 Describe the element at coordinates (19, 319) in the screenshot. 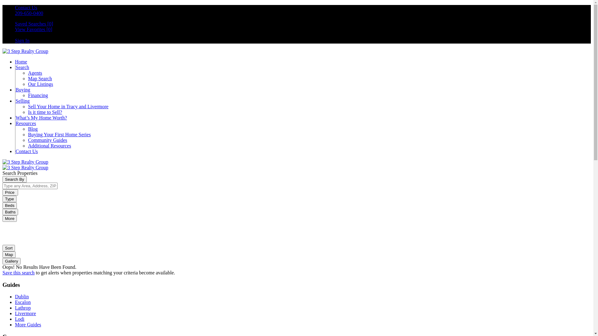

I see `'Lodi'` at that location.